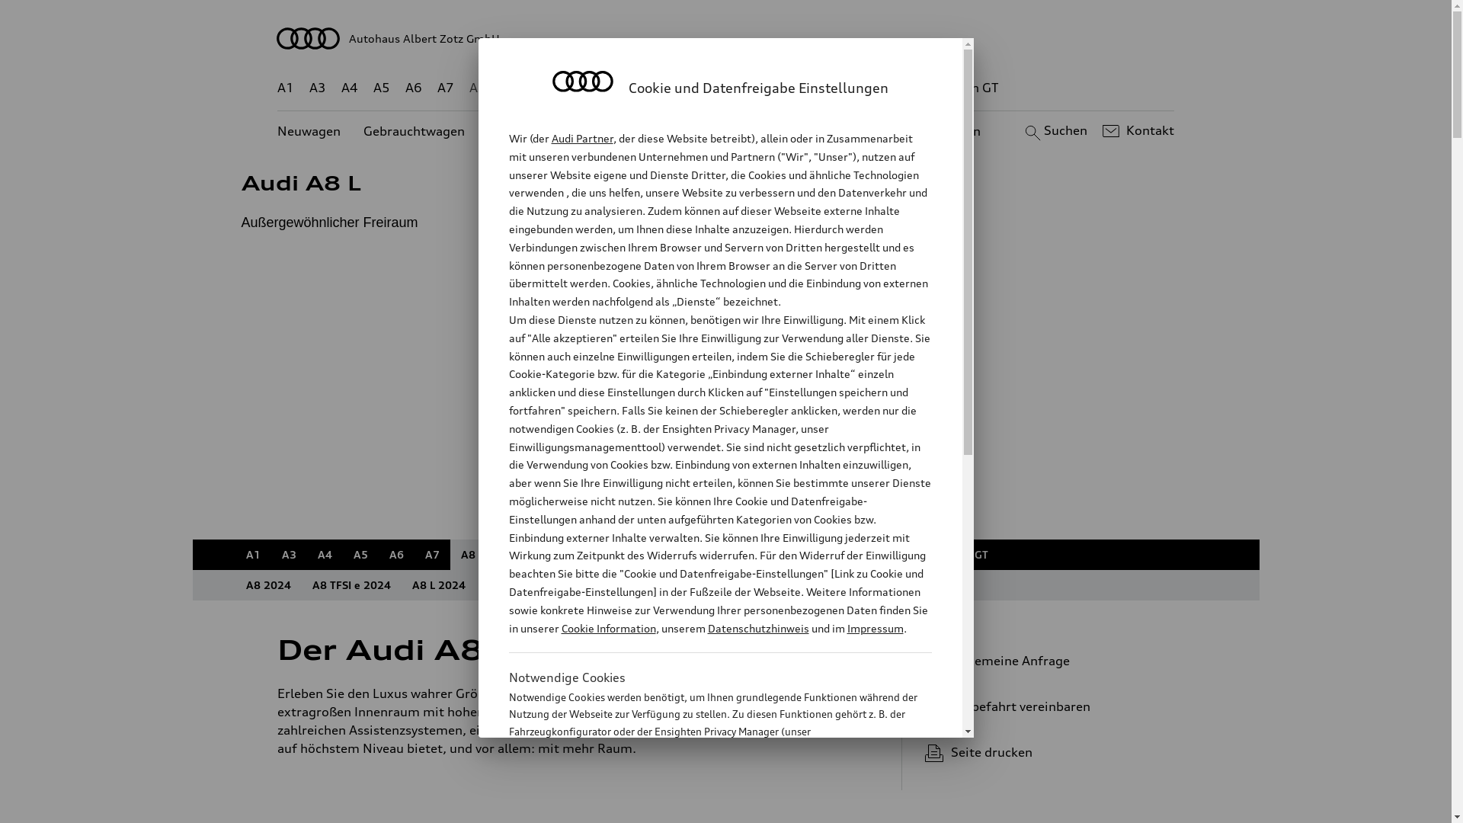 This screenshot has height=823, width=1463. Describe the element at coordinates (308, 130) in the screenshot. I see `'Neuwagen'` at that location.